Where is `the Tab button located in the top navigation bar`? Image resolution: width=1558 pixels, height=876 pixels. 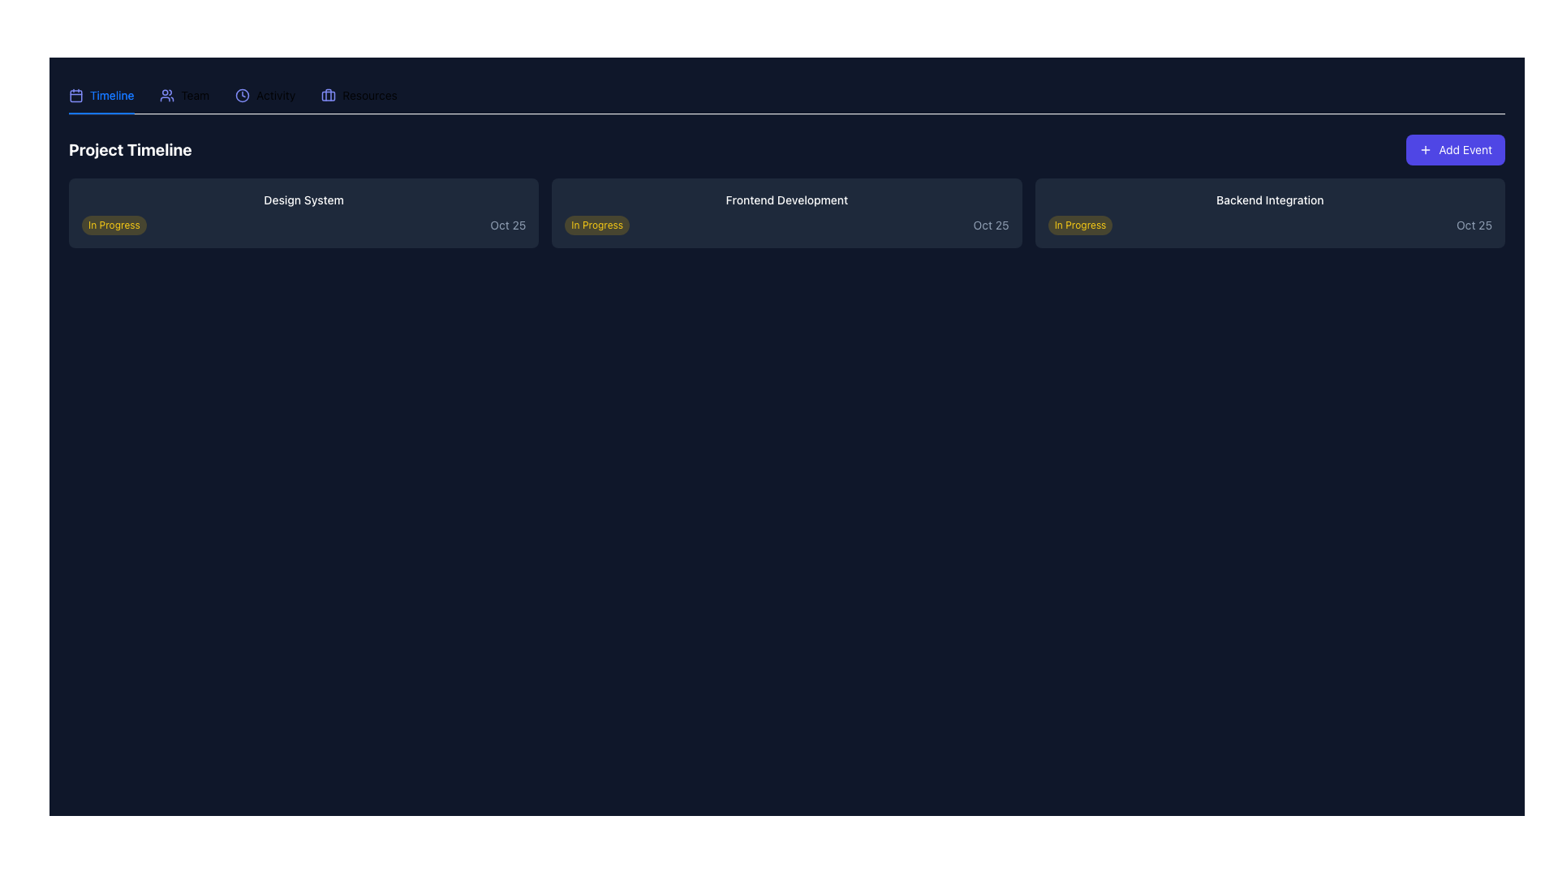 the Tab button located in the top navigation bar is located at coordinates (359, 96).